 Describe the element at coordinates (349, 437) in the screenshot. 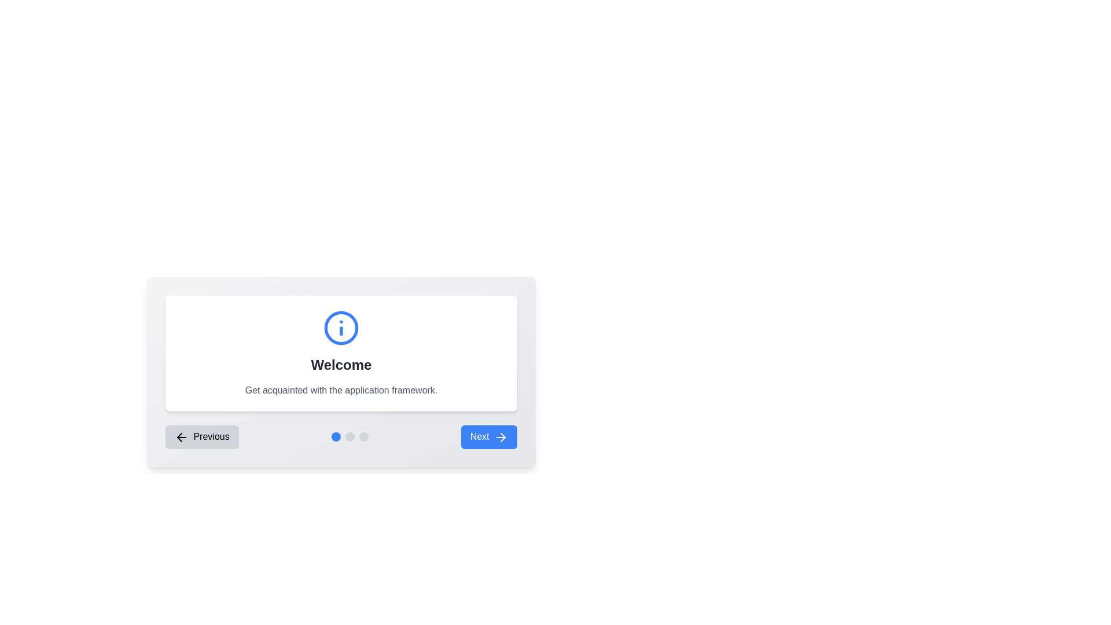

I see `the Progress Indicator Dot that is located centrally at the bottom section of the interface, positioned between a blue circle on the left and a grey circle on the right` at that location.